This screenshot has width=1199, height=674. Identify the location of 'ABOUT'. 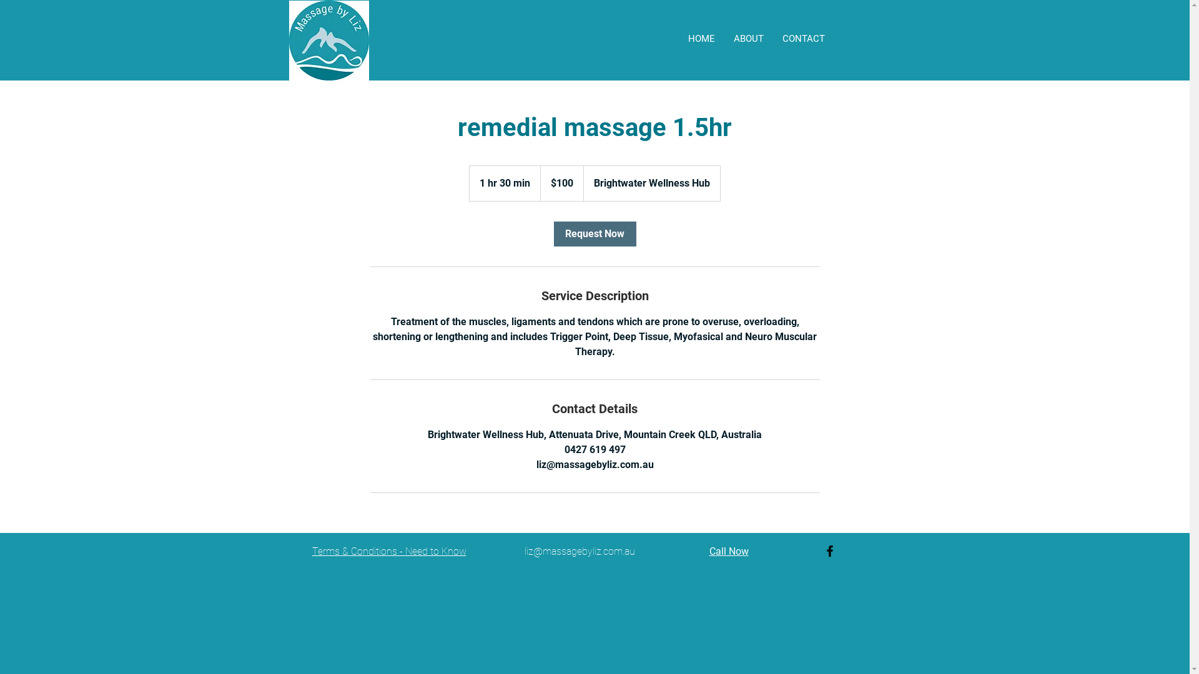
(749, 37).